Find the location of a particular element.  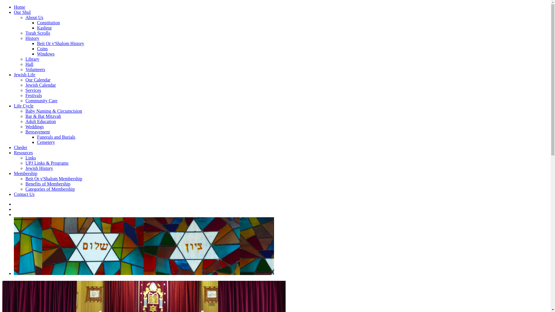

'Kashrut' is located at coordinates (44, 28).